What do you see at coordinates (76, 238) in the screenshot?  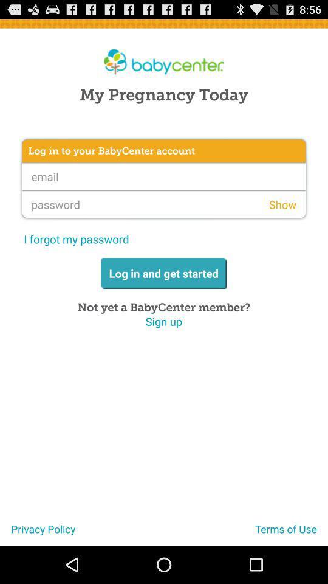 I see `the i forgot my icon` at bounding box center [76, 238].